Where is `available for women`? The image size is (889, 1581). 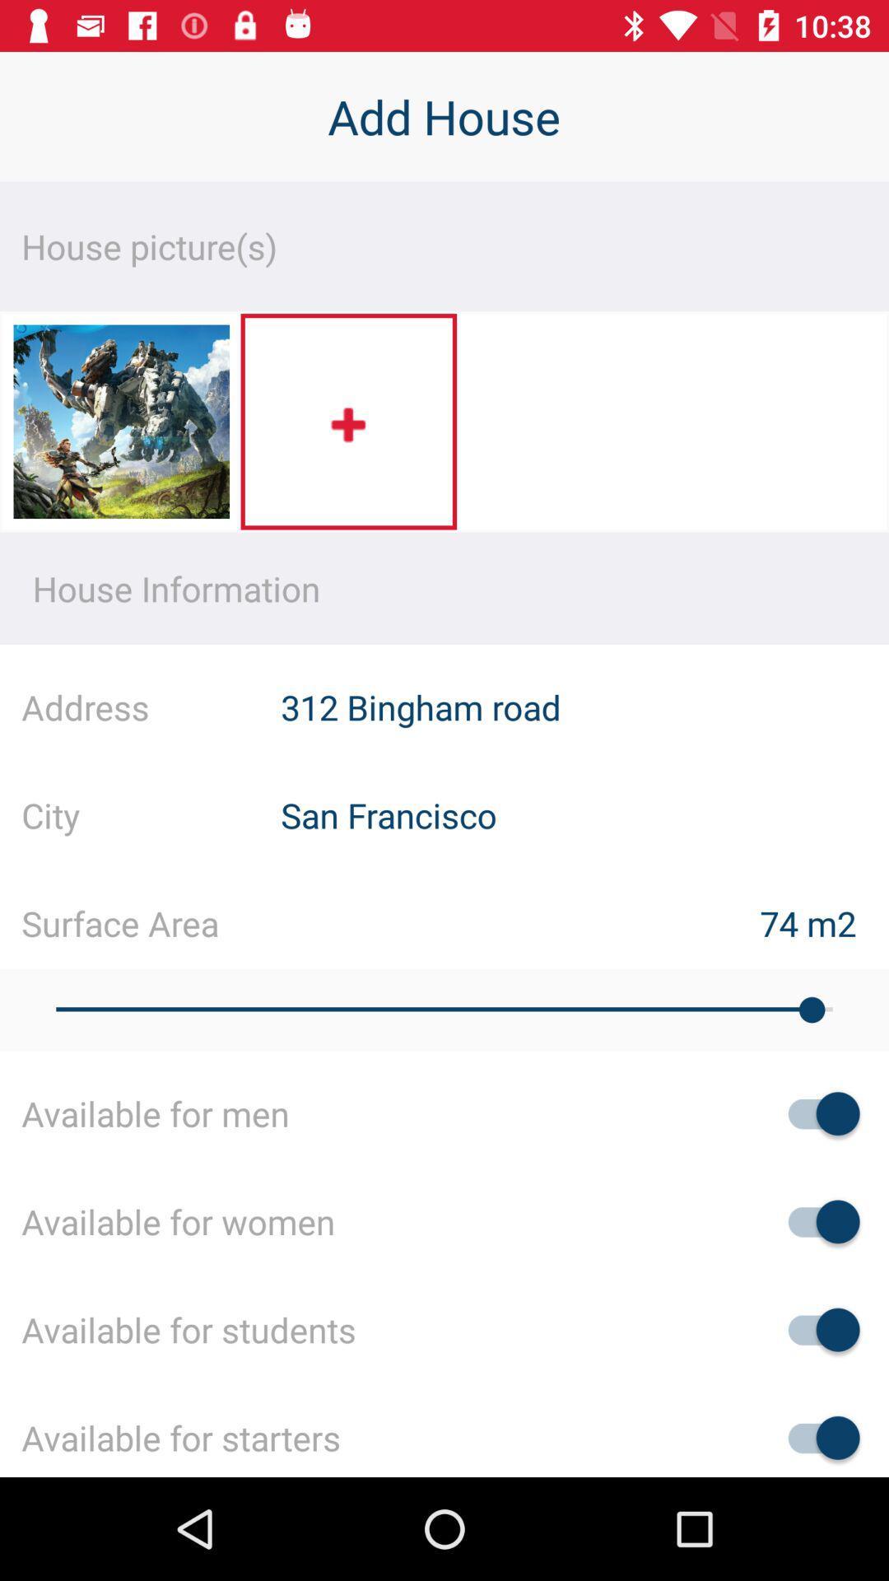
available for women is located at coordinates (816, 1221).